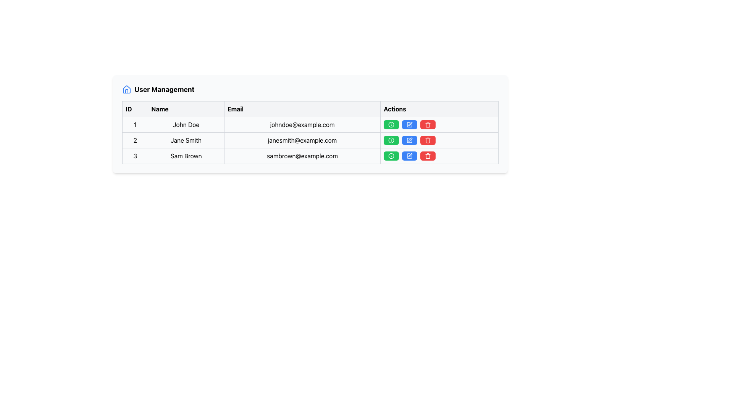 This screenshot has width=733, height=412. I want to click on the blue pencil icon button in the Actions column of the user management table for user 'John Doe', so click(409, 124).